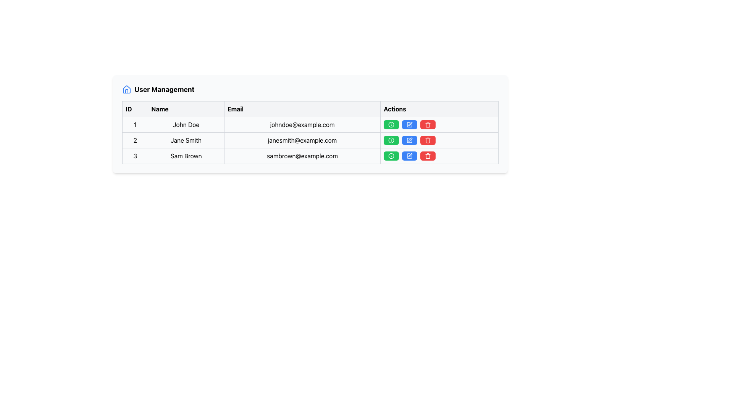 This screenshot has width=733, height=412. I want to click on the blue pencil icon button in the Actions column of the user management table for user 'John Doe', so click(409, 124).